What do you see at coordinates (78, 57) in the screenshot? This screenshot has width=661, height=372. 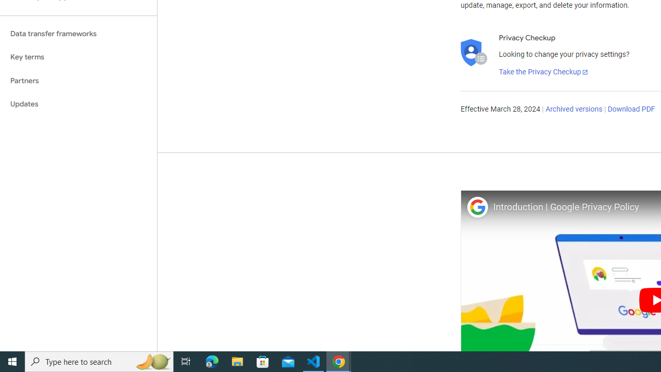 I see `'Key terms'` at bounding box center [78, 57].